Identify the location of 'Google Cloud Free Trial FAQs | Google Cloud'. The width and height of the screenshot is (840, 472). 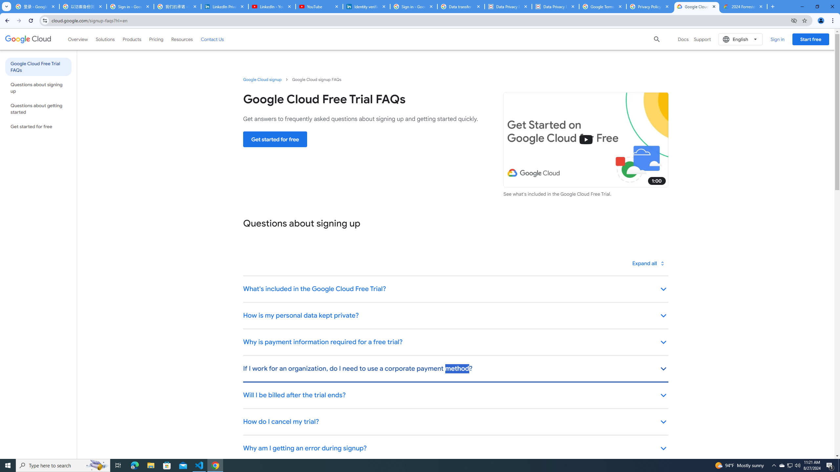
(697, 6).